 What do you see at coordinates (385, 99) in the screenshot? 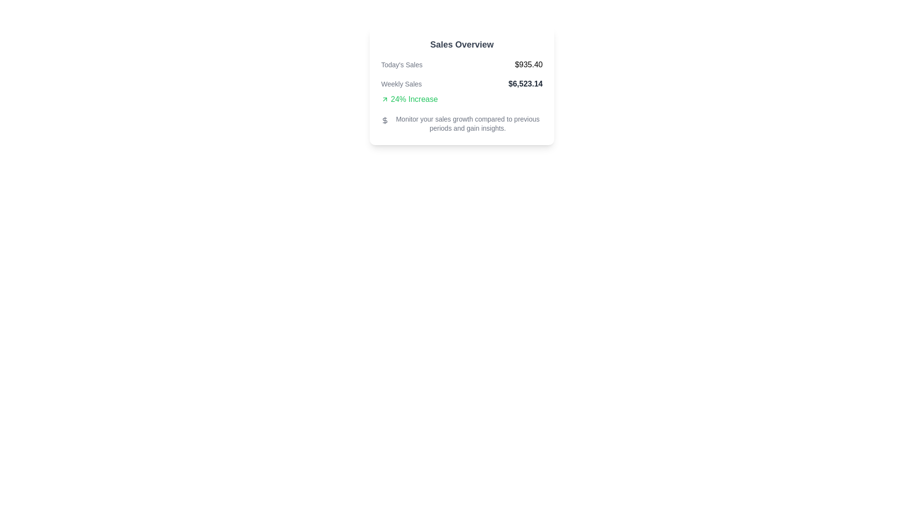
I see `the upward trend icon located to the left of the '24% Increase' text, which visually communicates a positive increase in sales data` at bounding box center [385, 99].